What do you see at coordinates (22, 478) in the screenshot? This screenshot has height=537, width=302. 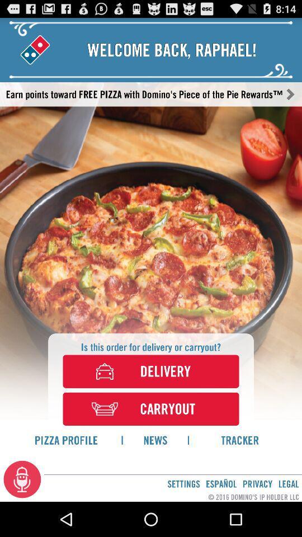 I see `icon next to settings icon` at bounding box center [22, 478].